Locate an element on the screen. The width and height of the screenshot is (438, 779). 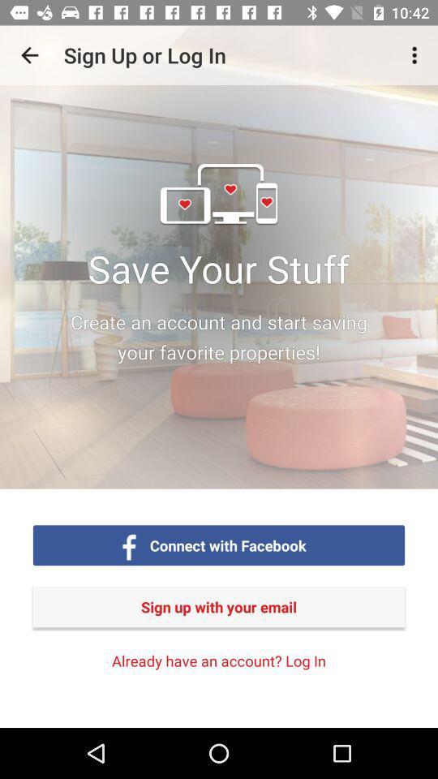
the icon above sign up with item is located at coordinates (29, 55).